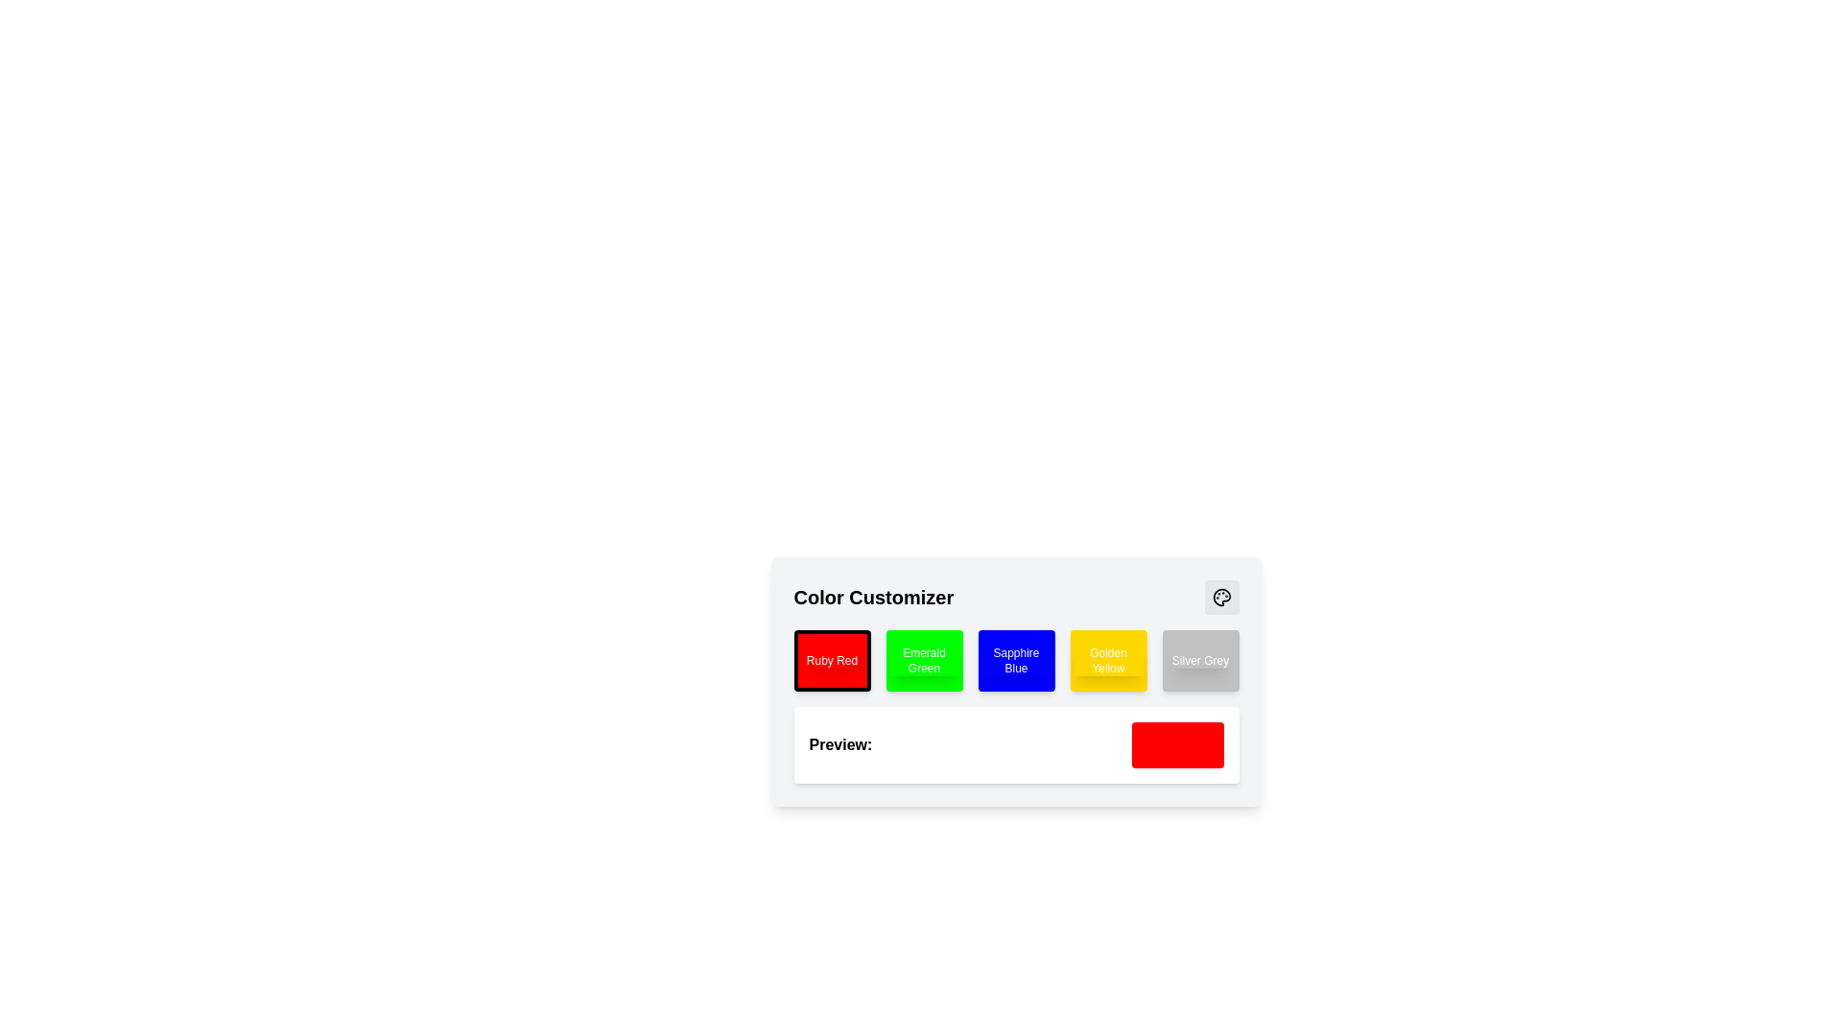  What do you see at coordinates (1199, 660) in the screenshot?
I see `the 'Silver Grey' button, which is the last button in a row of color selection buttons, to observe the hover effect` at bounding box center [1199, 660].